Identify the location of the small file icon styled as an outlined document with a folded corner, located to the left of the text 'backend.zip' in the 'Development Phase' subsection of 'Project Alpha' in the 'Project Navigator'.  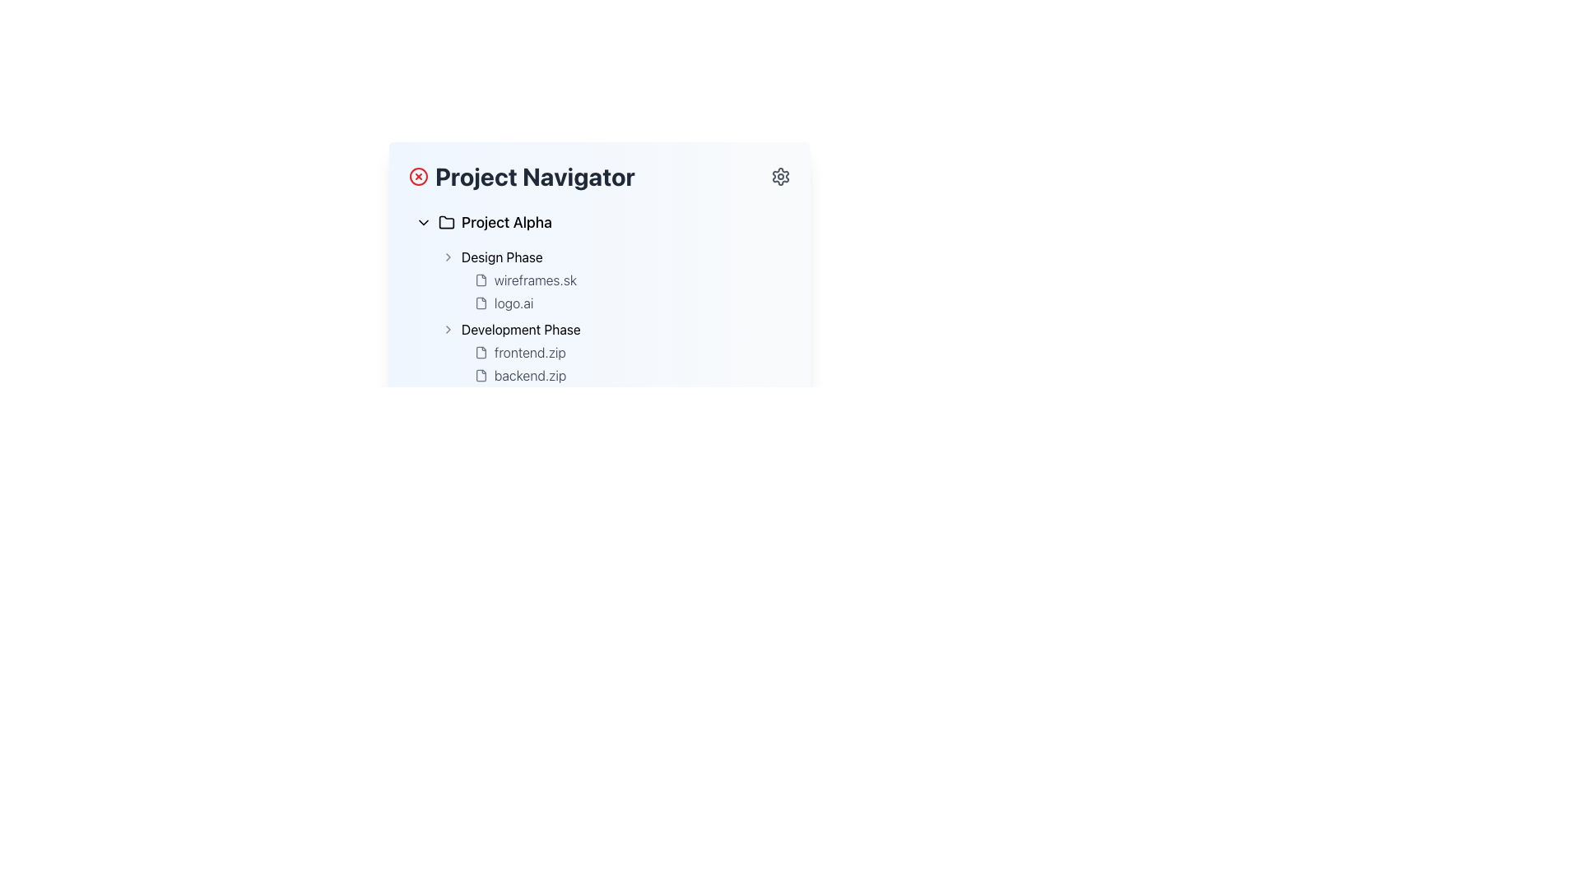
(481, 375).